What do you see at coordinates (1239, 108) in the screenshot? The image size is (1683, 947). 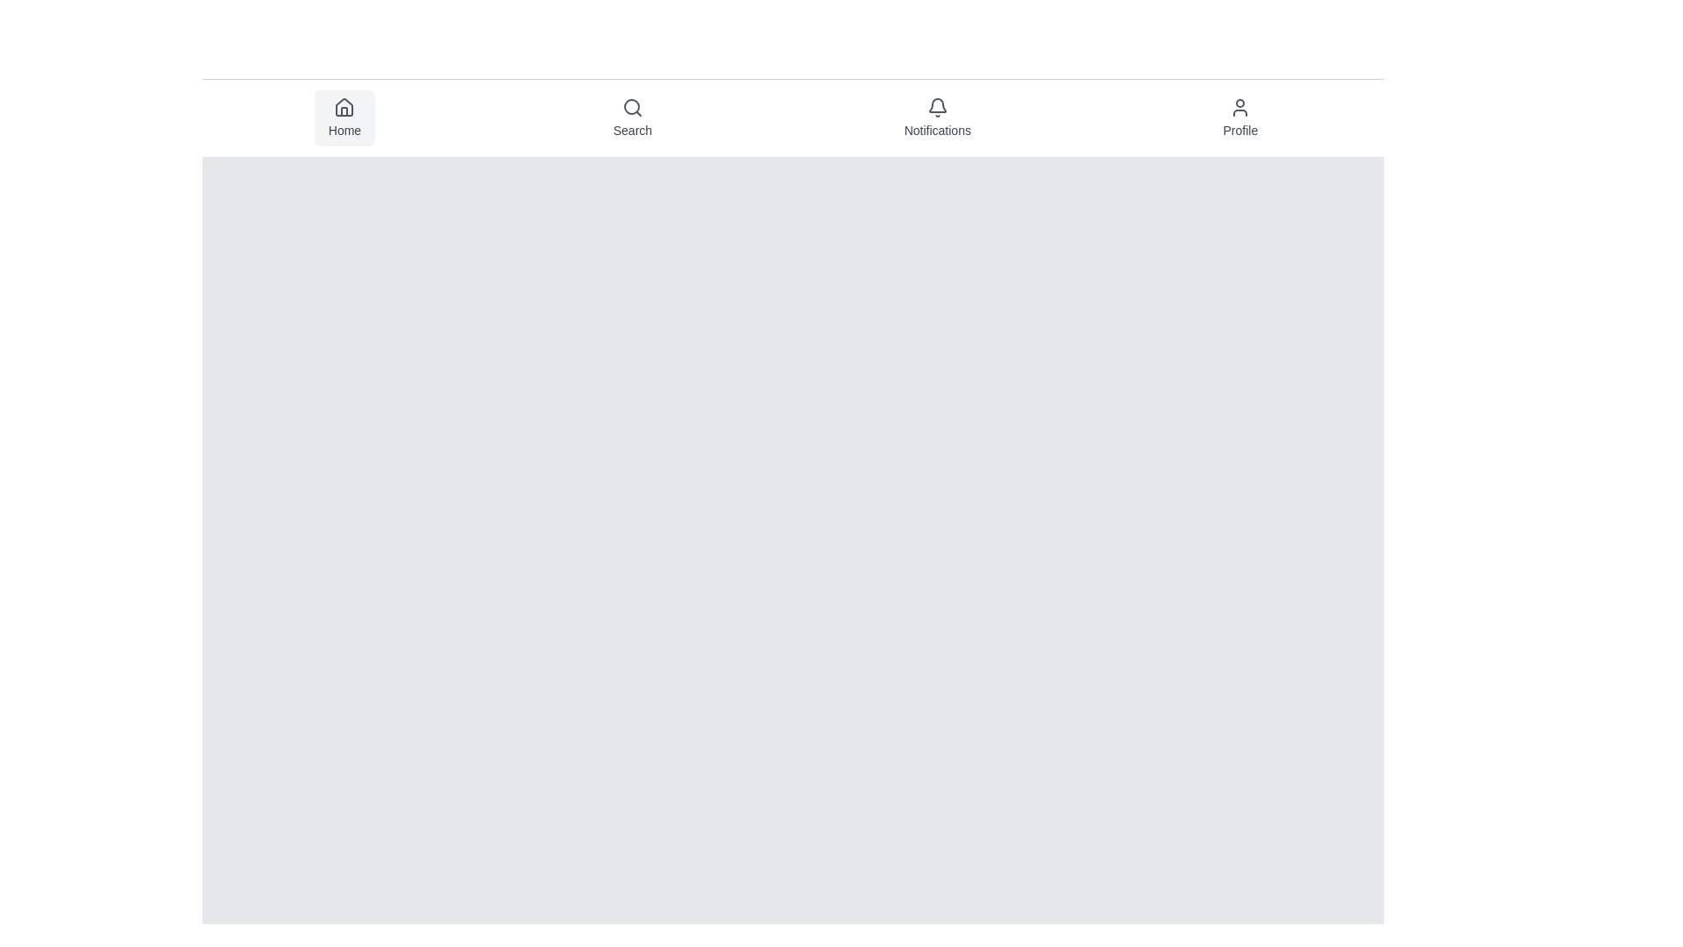 I see `the user profile icon, which is gray, circular, and located above the 'Profile' text in the navigation bar` at bounding box center [1239, 108].